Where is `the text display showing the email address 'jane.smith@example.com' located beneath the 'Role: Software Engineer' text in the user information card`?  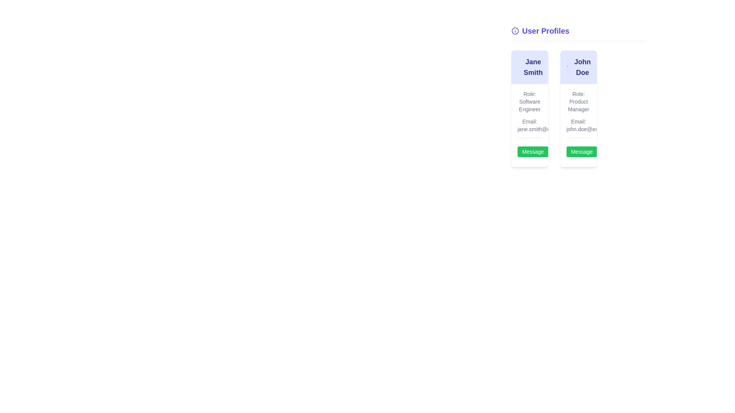 the text display showing the email address 'jane.smith@example.com' located beneath the 'Role: Software Engineer' text in the user information card is located at coordinates (529, 125).